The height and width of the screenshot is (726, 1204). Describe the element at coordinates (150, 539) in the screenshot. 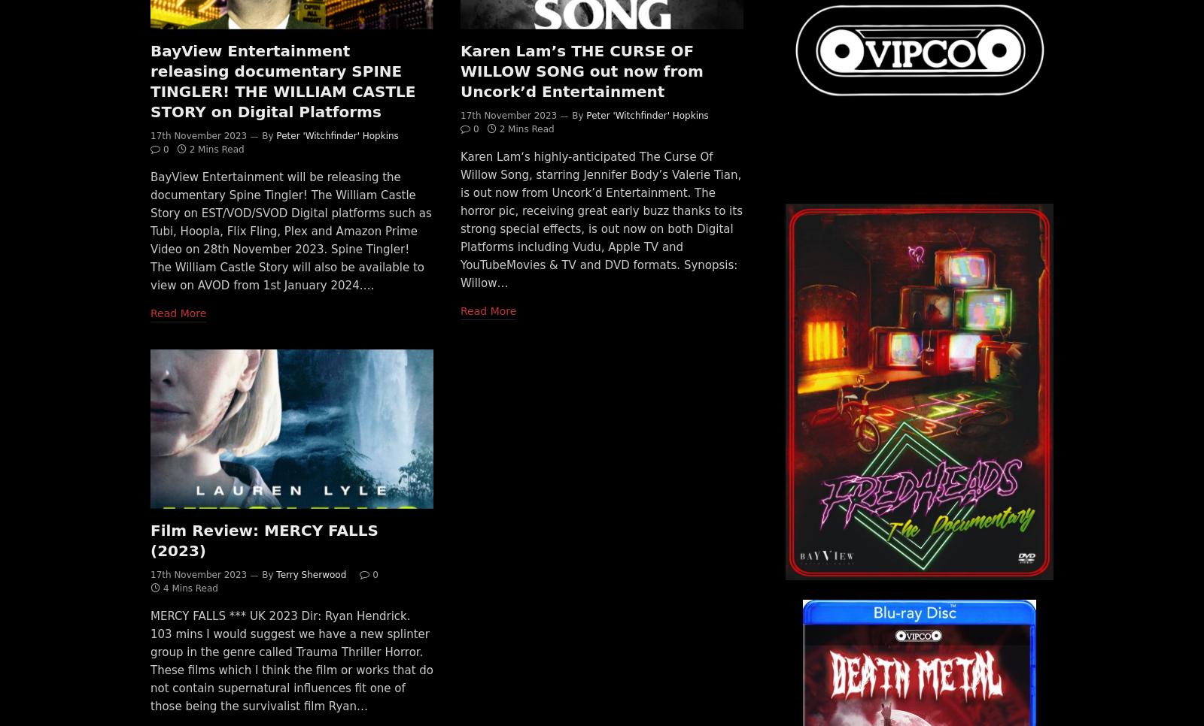

I see `'Film Review: MERCY FALLS (2023)'` at that location.